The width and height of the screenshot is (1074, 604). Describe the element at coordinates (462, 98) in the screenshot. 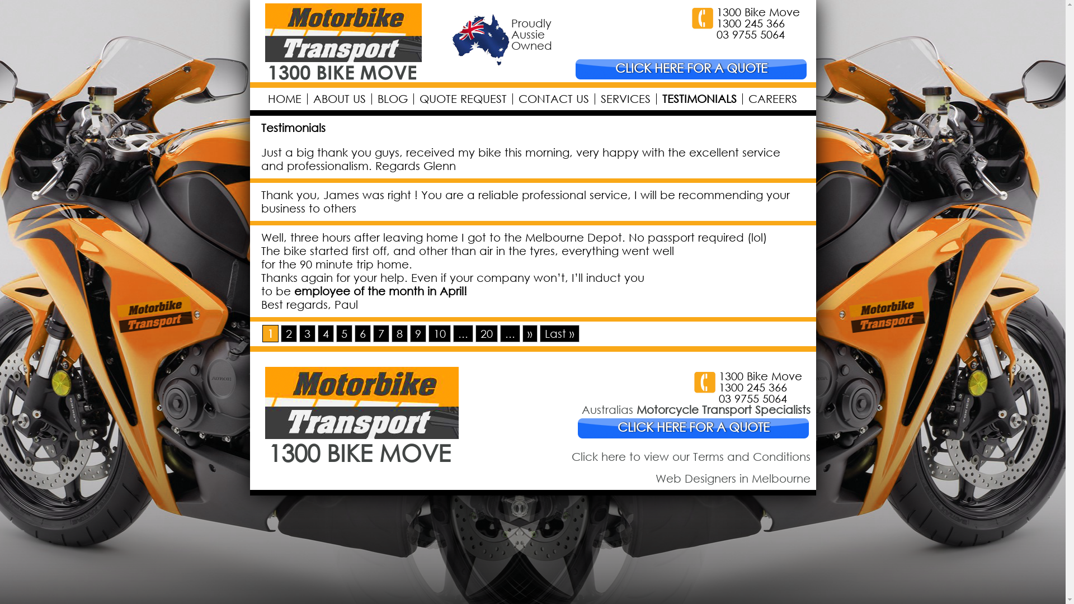

I see `'QUOTE REQUEST'` at that location.